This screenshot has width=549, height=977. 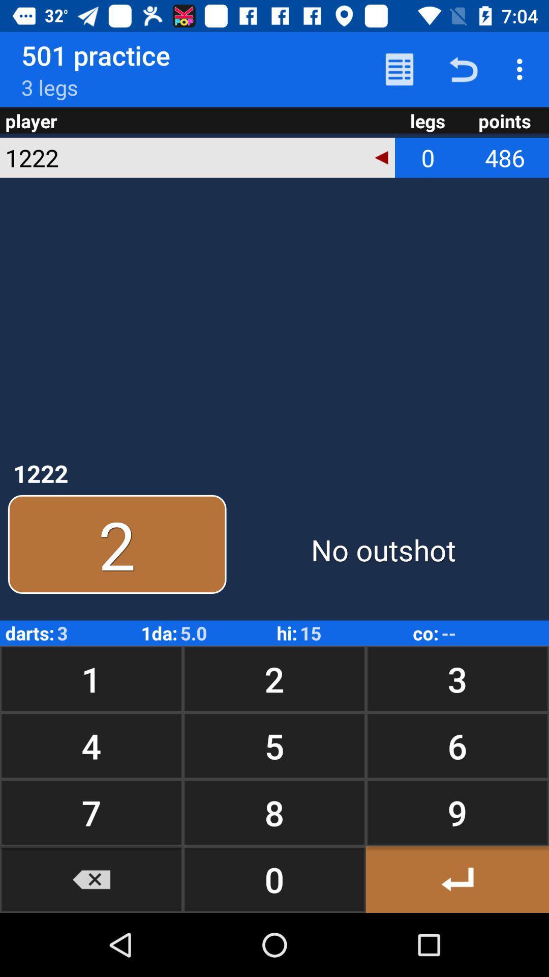 I want to click on the item to the right of player, so click(x=399, y=69).